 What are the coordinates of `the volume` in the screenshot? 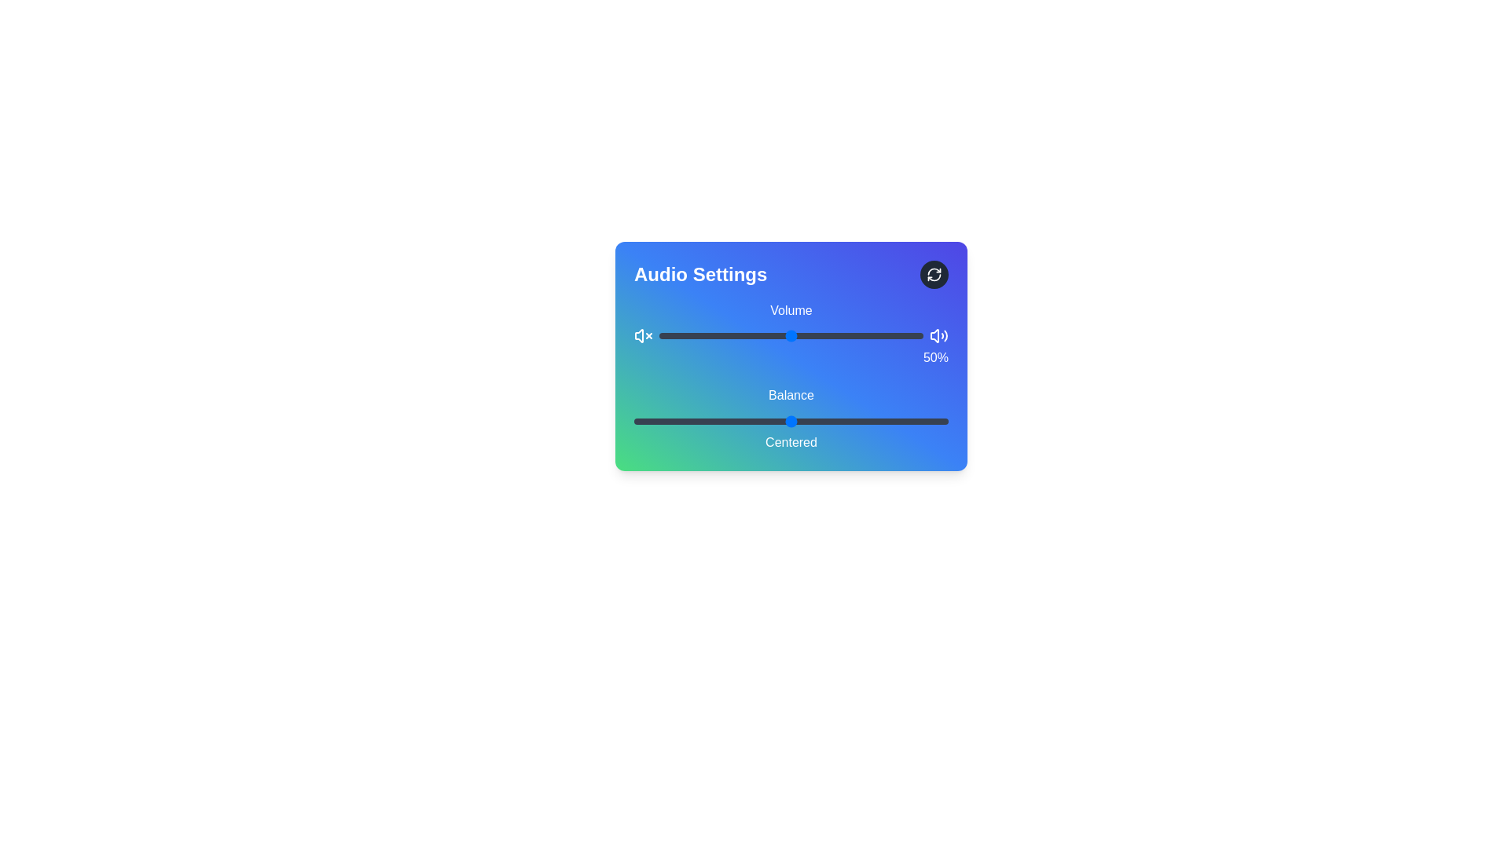 It's located at (664, 335).